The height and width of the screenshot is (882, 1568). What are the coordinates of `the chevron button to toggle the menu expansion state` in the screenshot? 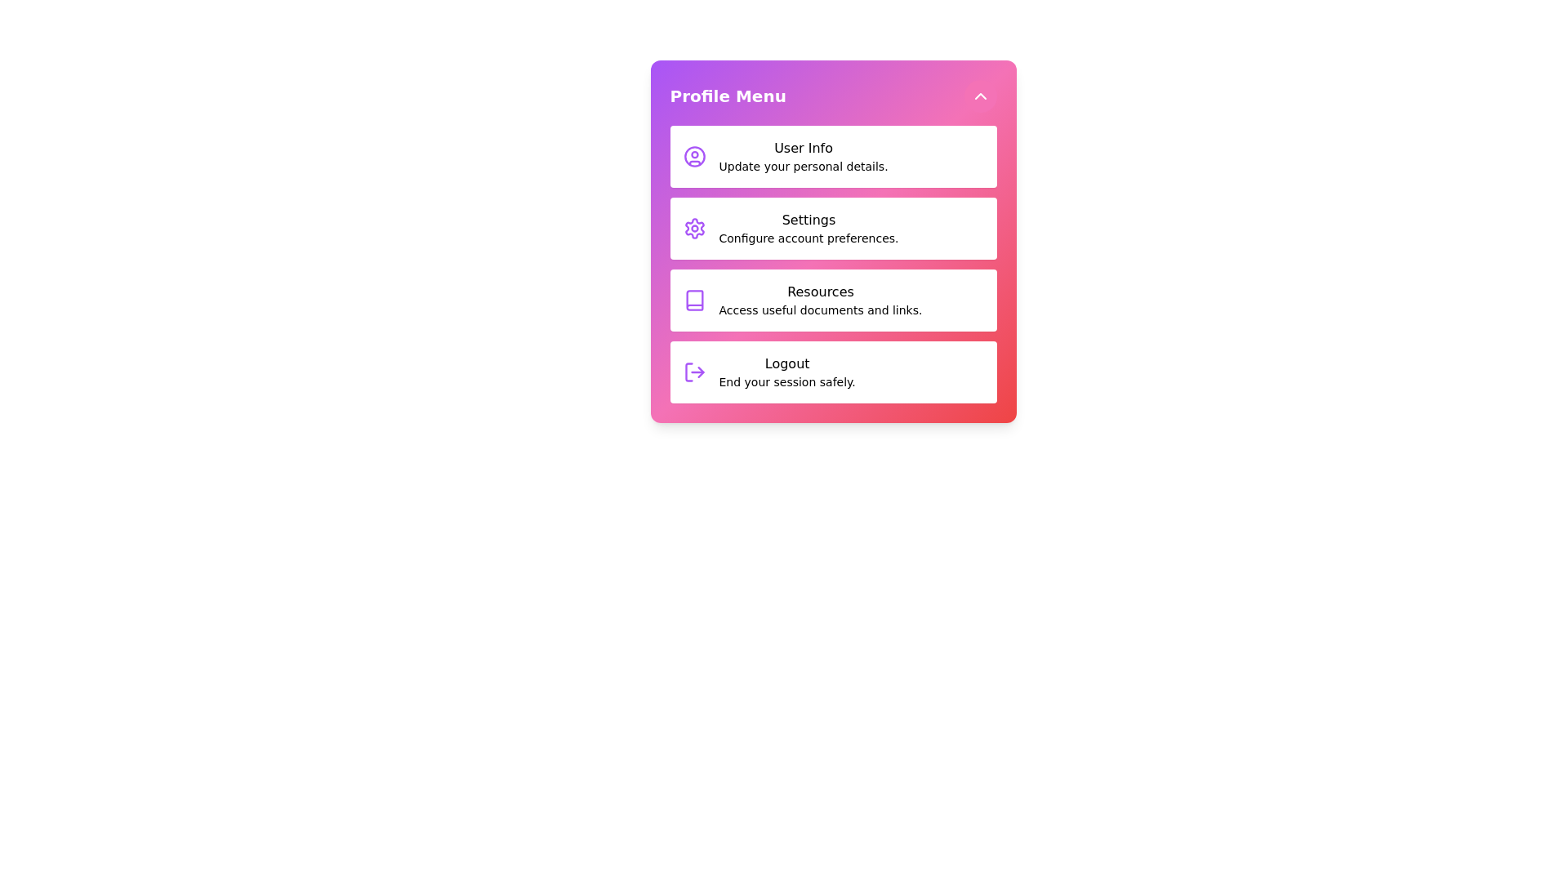 It's located at (980, 96).